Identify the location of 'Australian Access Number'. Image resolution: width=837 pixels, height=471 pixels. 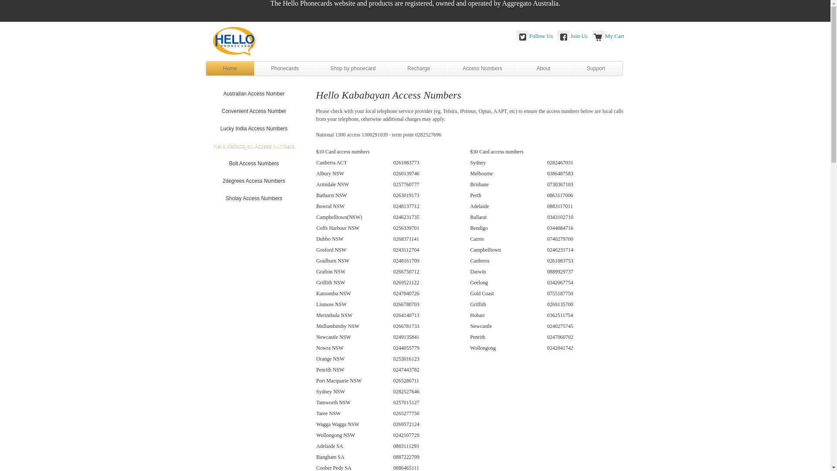
(206, 94).